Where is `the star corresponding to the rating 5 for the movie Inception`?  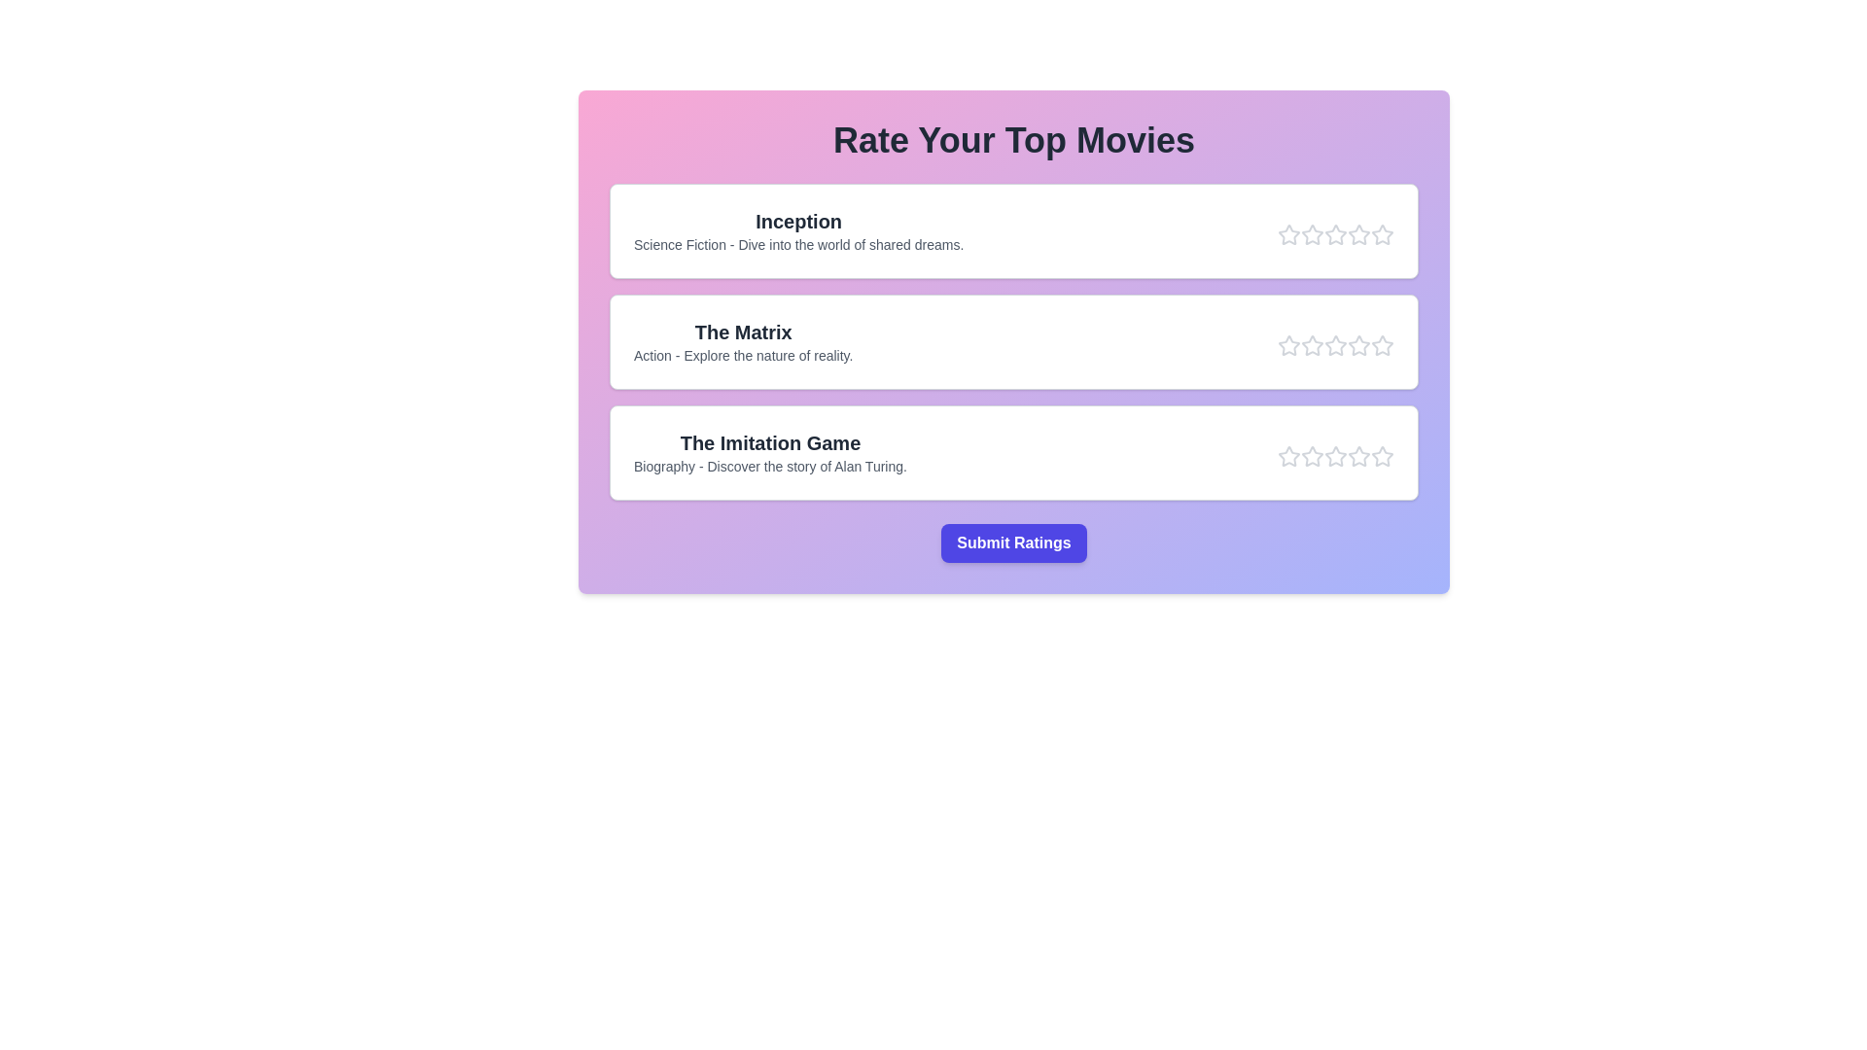 the star corresponding to the rating 5 for the movie Inception is located at coordinates (1381, 234).